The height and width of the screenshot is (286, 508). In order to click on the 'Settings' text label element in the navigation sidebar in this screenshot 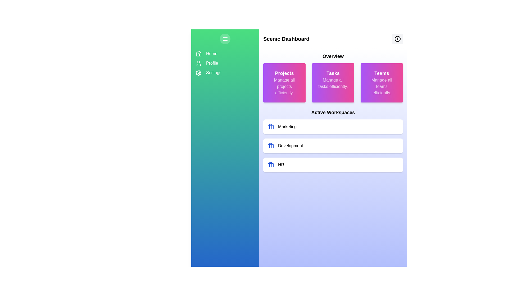, I will do `click(214, 73)`.